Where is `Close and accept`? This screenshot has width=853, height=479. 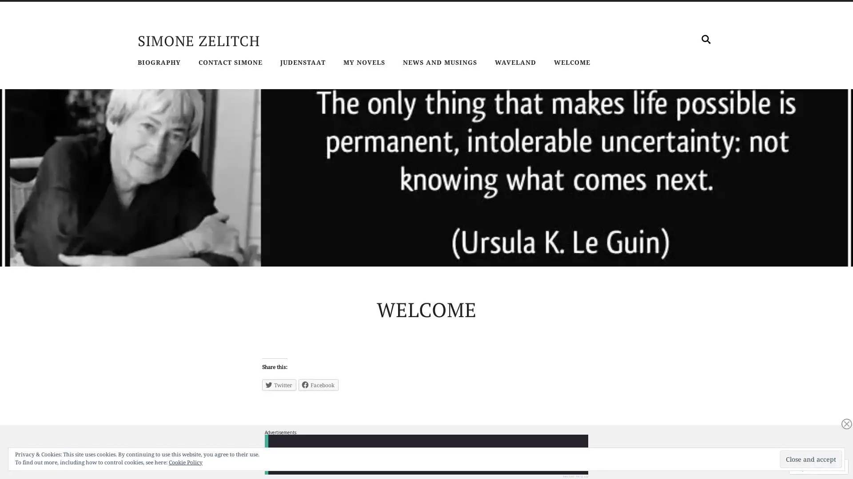
Close and accept is located at coordinates (811, 459).